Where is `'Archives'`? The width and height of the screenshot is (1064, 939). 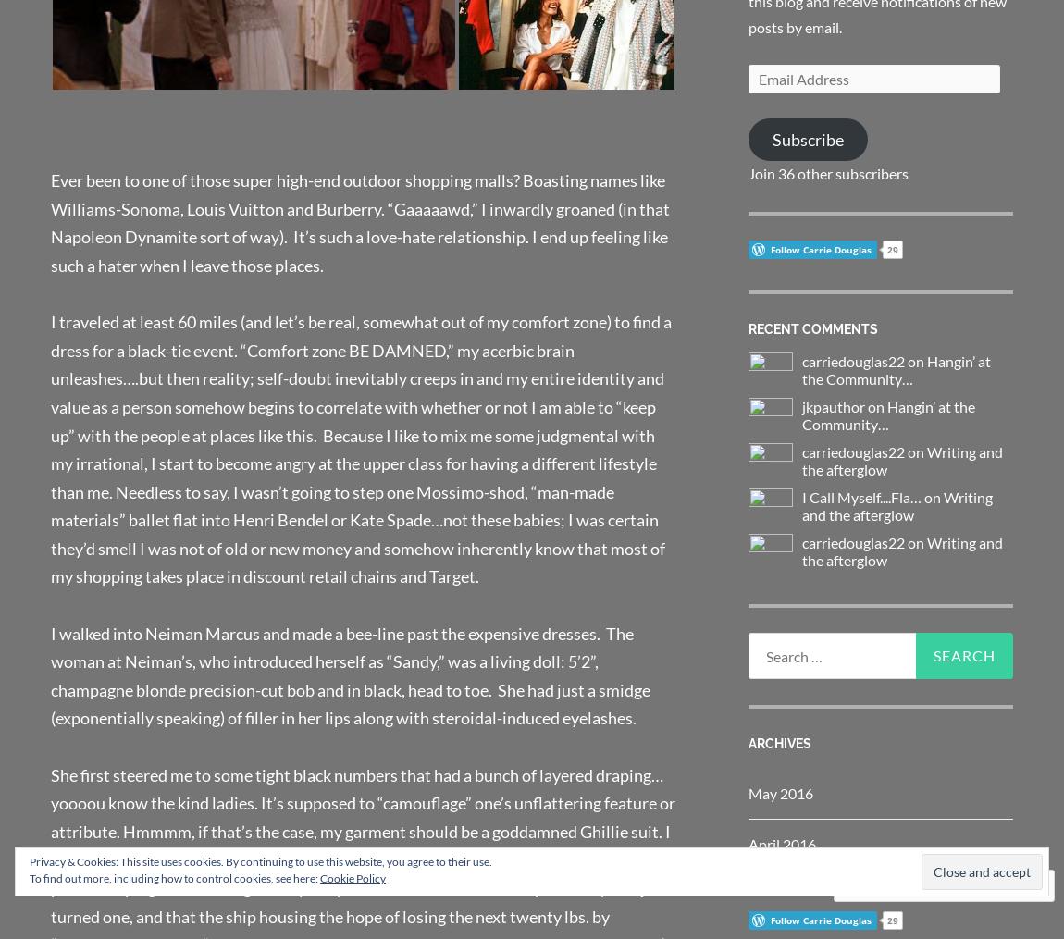
'Archives' is located at coordinates (778, 742).